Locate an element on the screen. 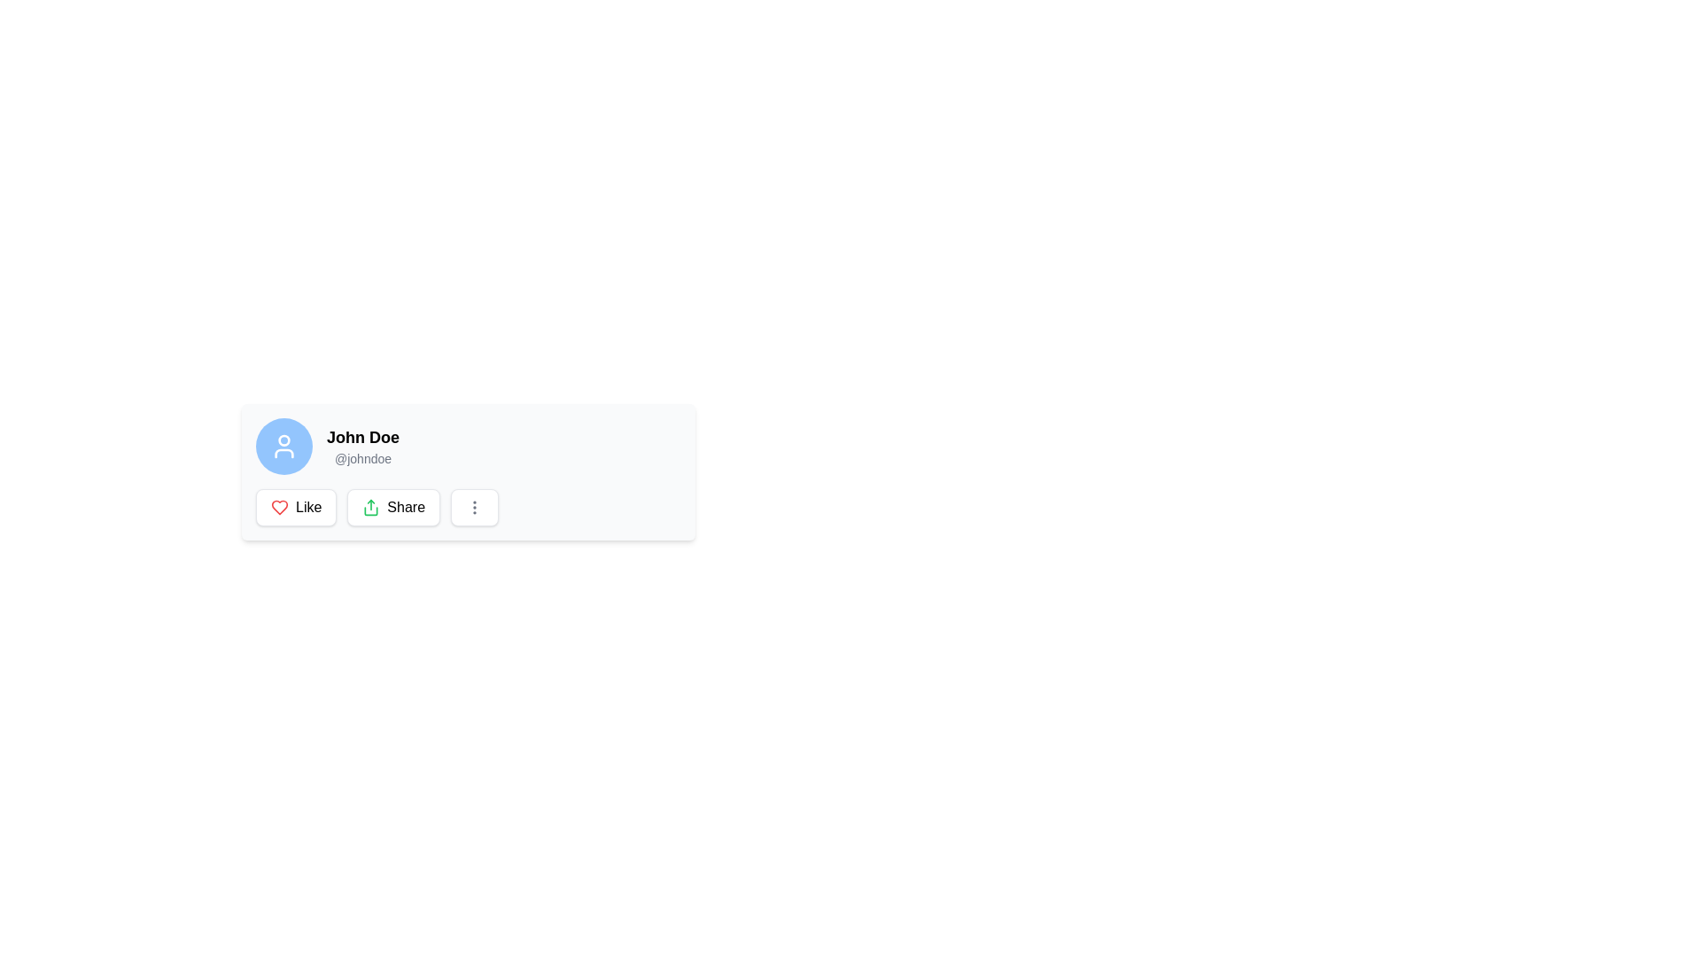 Image resolution: width=1701 pixels, height=957 pixels. the heart icon located to the left of the 'Like' button is located at coordinates (279, 508).